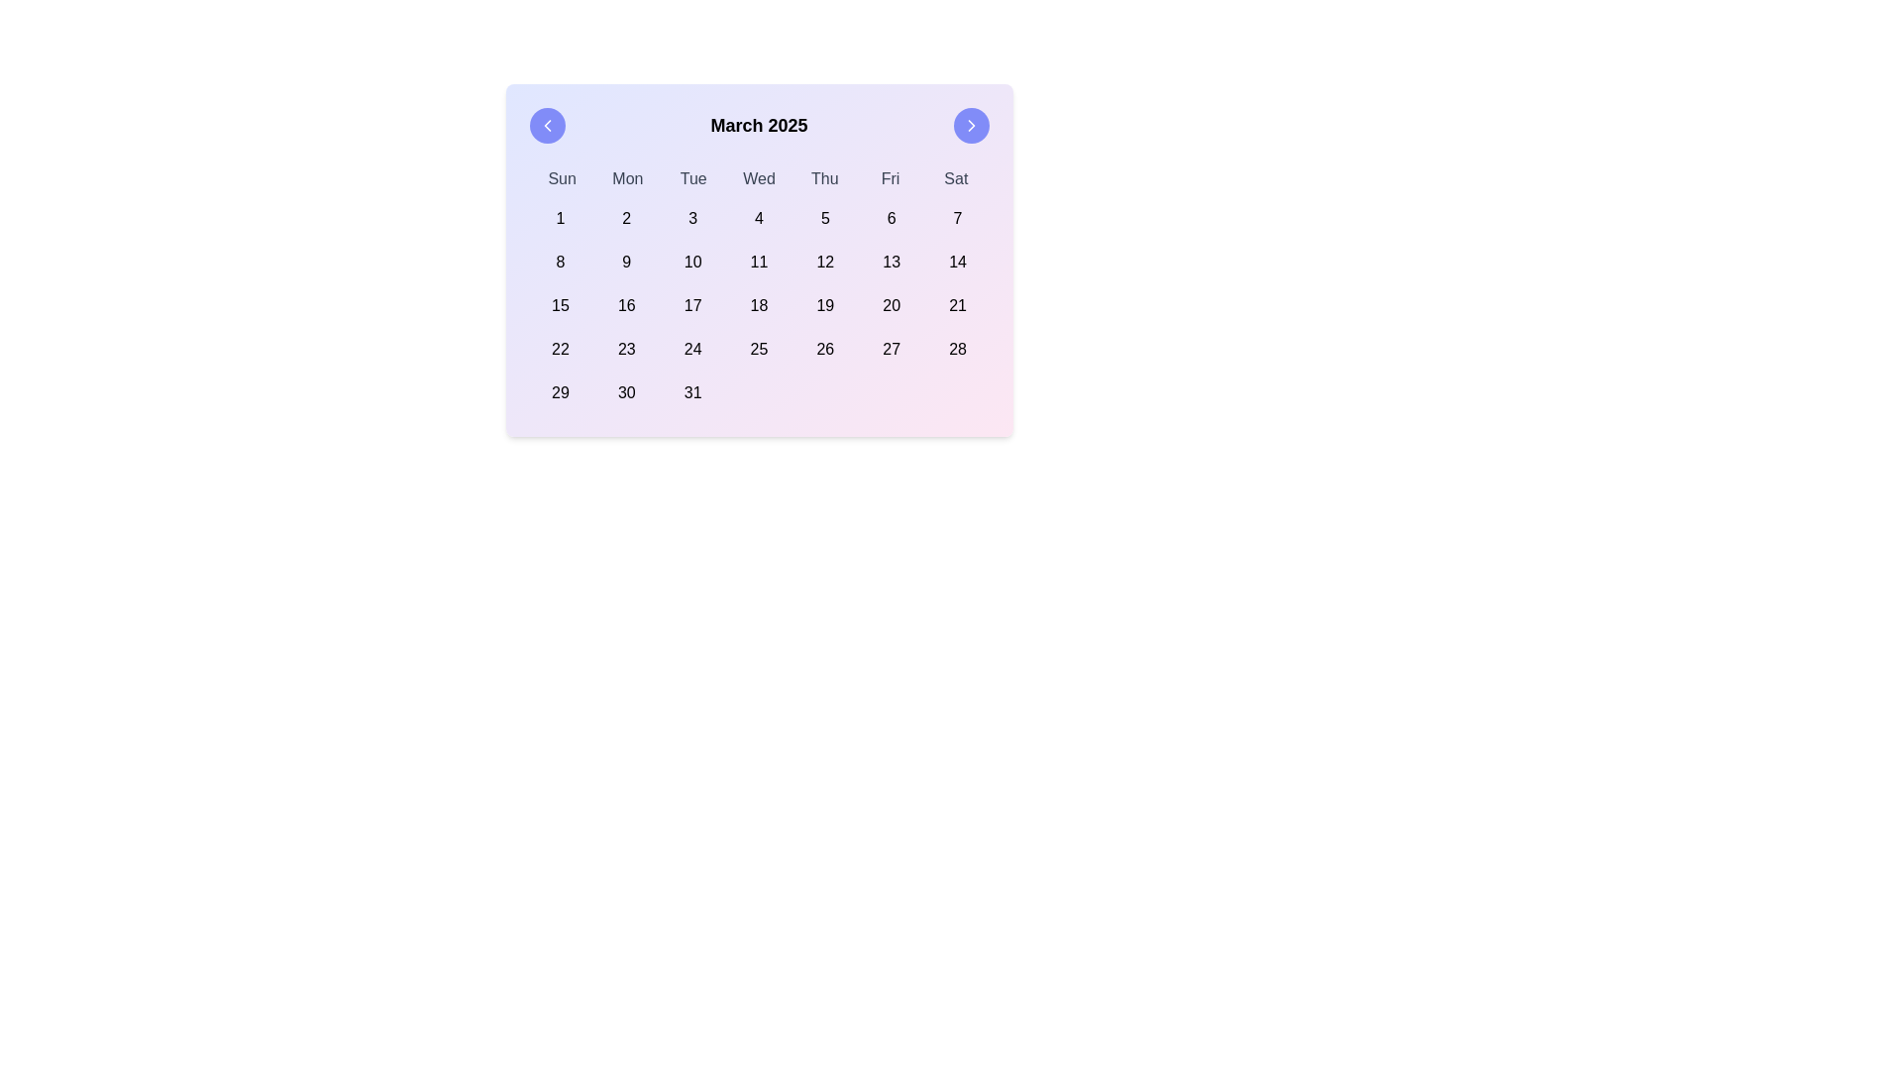  I want to click on the forward navigation control icon, so click(971, 126).